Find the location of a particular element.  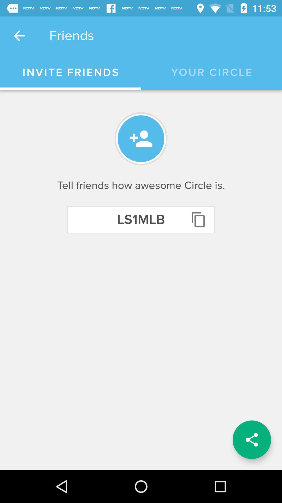

item below the tell friends how is located at coordinates (251, 440).